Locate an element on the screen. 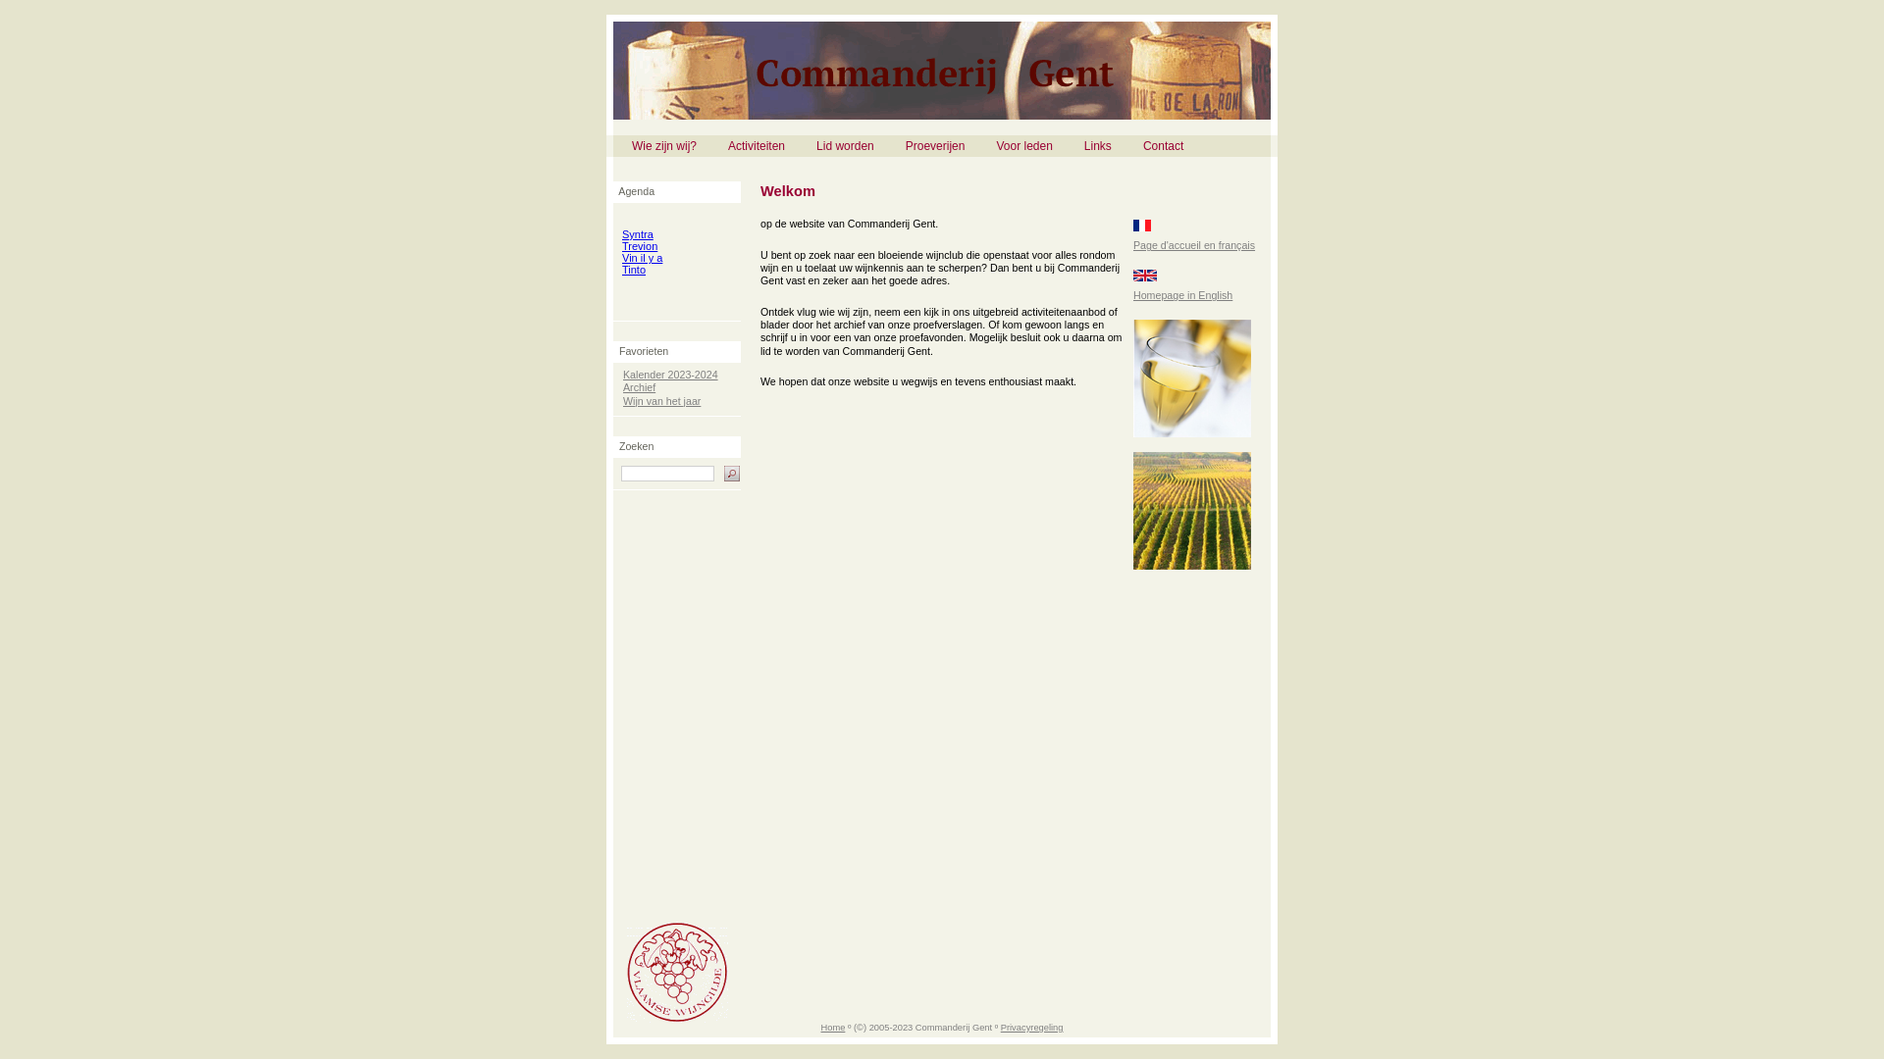  'Contact' is located at coordinates (1163, 145).